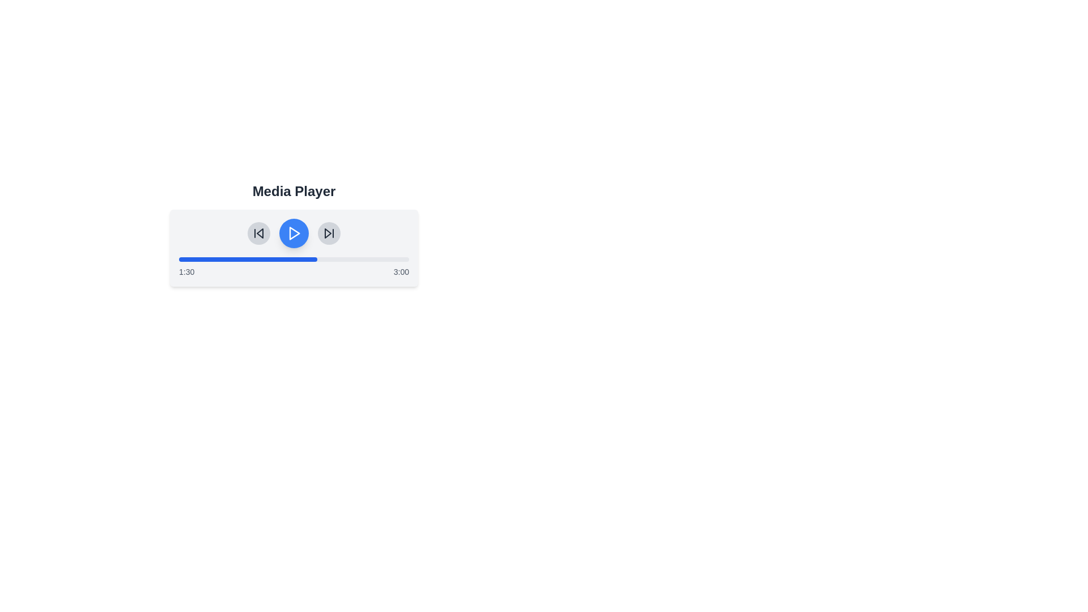 Image resolution: width=1088 pixels, height=612 pixels. I want to click on displayed value '3:00' from the text display located on the right side of the progress bar, so click(401, 271).